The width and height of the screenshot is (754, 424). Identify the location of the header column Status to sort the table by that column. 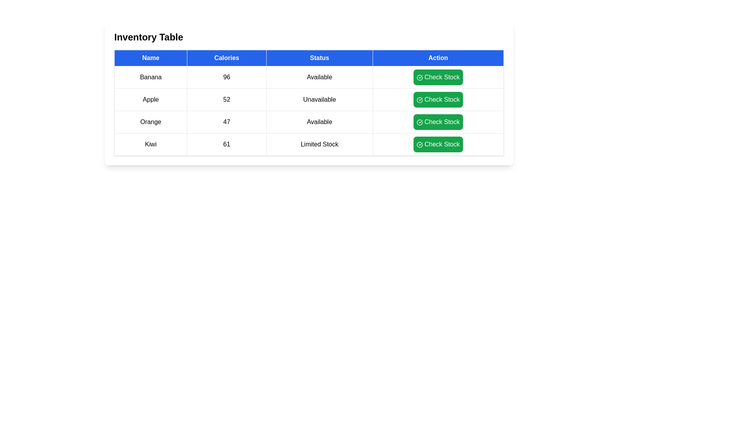
(319, 57).